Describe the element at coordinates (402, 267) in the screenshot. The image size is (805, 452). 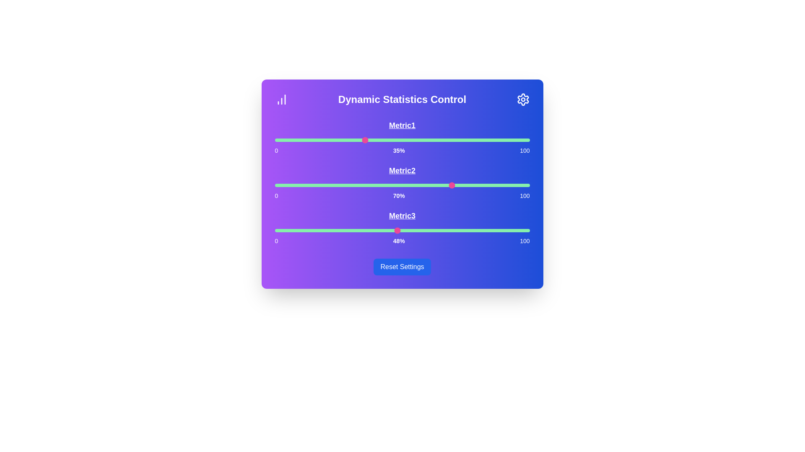
I see `the 'Reset Settings' button` at that location.